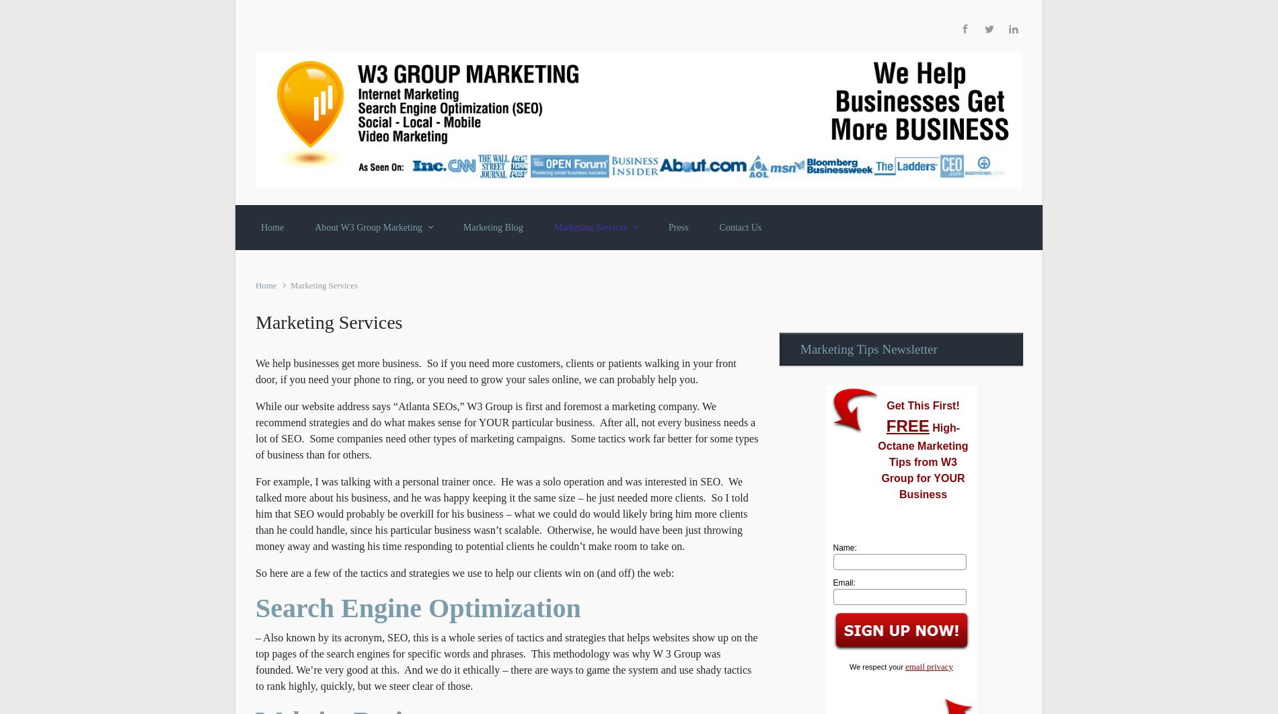  Describe the element at coordinates (928, 666) in the screenshot. I see `'email privacy'` at that location.